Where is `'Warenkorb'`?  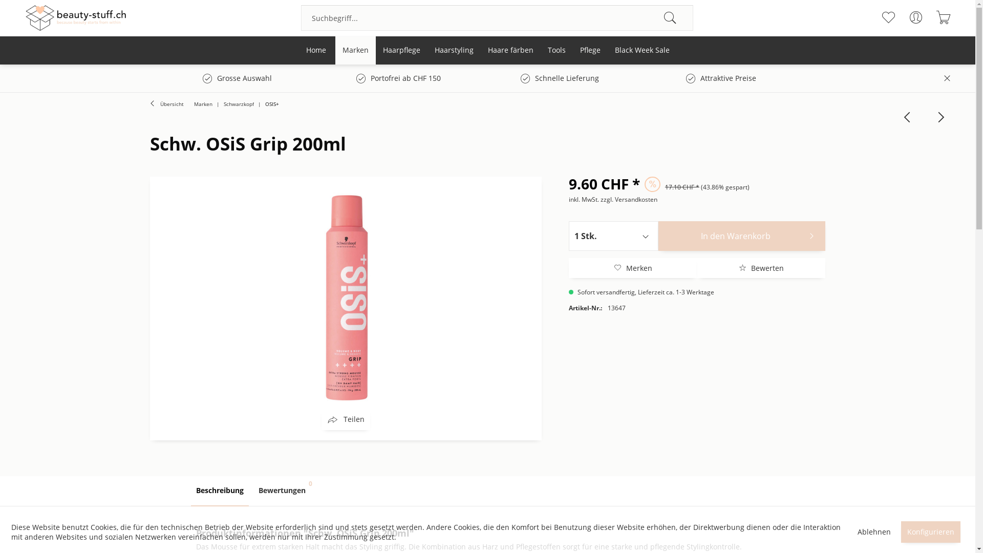
'Warenkorb' is located at coordinates (943, 17).